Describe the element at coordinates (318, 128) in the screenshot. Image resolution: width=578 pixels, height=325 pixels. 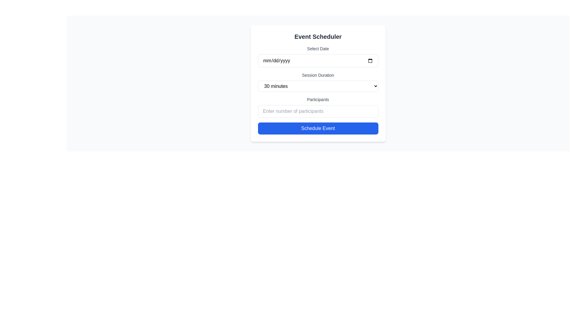
I see `the button with a blue background and white bold text reading 'Schedule Event', located at the bottom of the form` at that location.